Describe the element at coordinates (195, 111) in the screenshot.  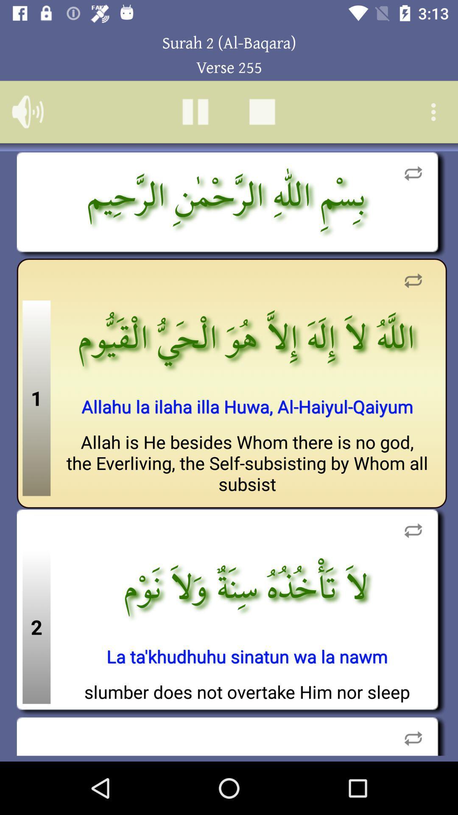
I see `ayat al kursi` at that location.